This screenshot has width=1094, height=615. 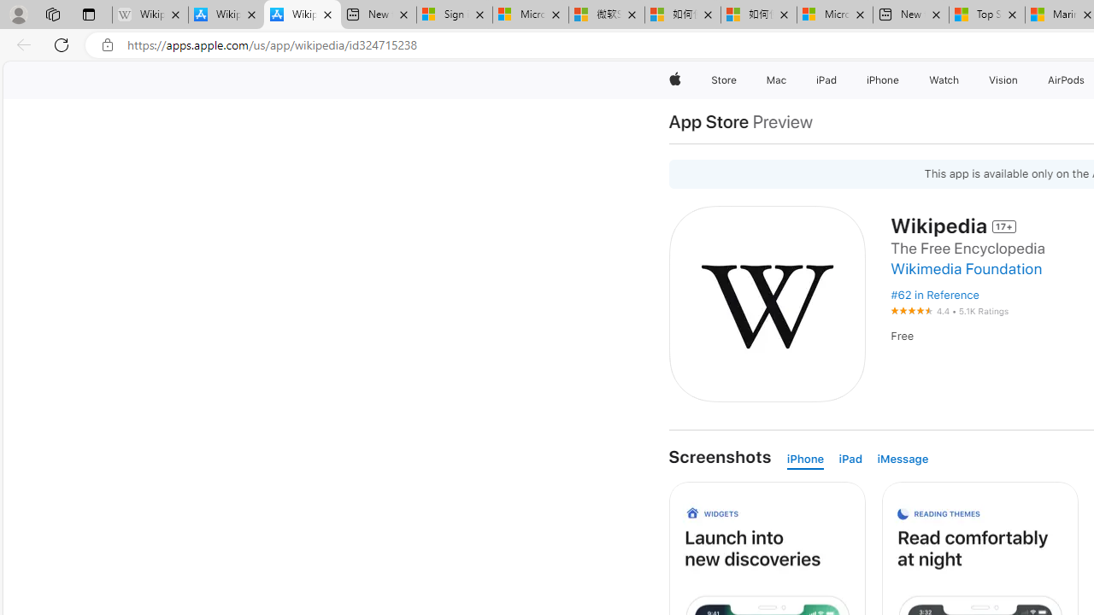 What do you see at coordinates (1021, 79) in the screenshot?
I see `'Vision menu'` at bounding box center [1021, 79].